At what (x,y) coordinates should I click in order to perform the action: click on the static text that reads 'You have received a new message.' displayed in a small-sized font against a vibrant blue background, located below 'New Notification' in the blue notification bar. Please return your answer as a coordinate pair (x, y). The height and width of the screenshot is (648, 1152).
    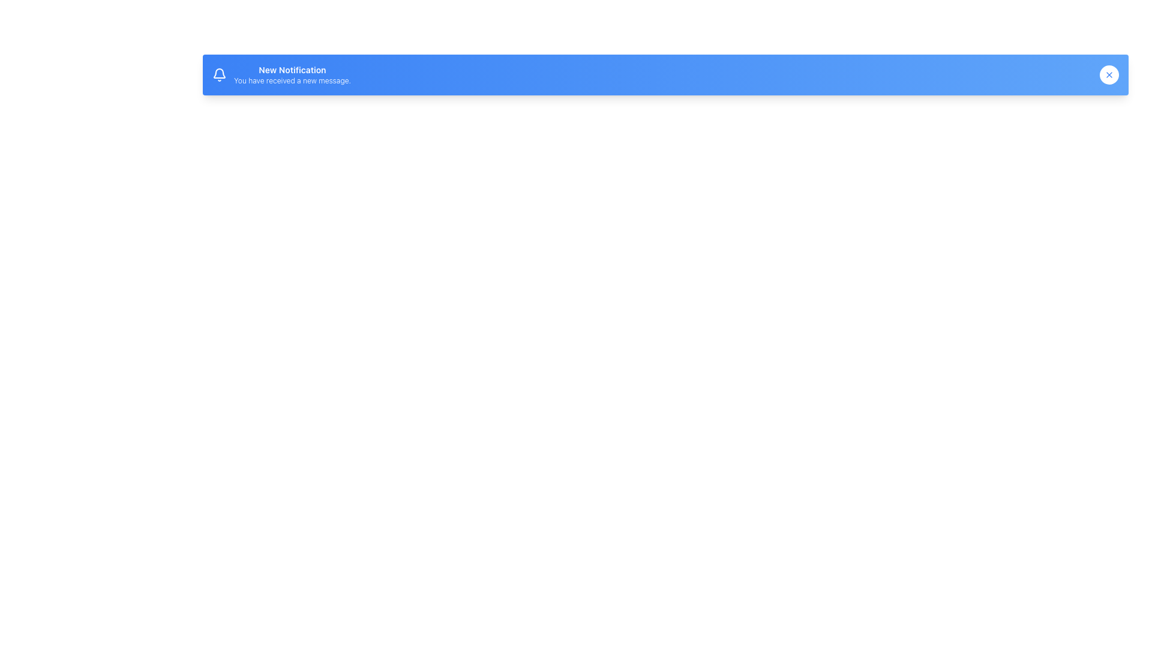
    Looking at the image, I should click on (292, 81).